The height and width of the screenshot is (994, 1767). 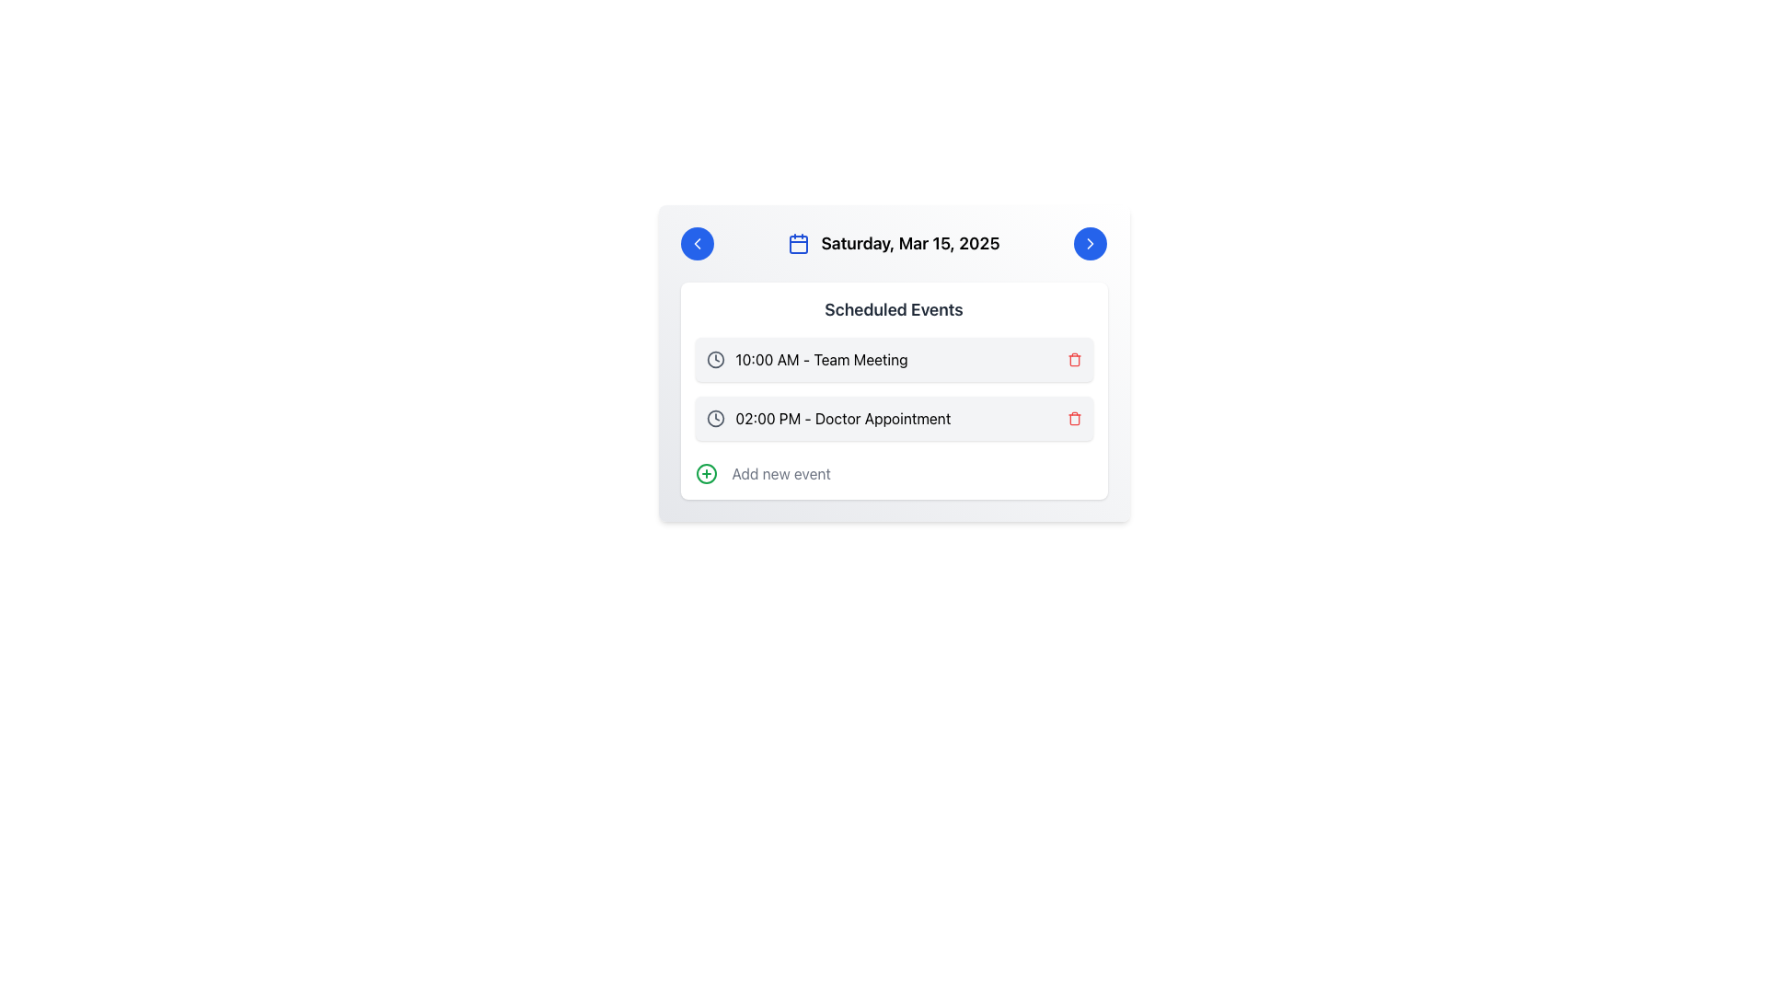 I want to click on the left-pointing chevron arrow icon located inside a blue circular button, so click(x=696, y=243).